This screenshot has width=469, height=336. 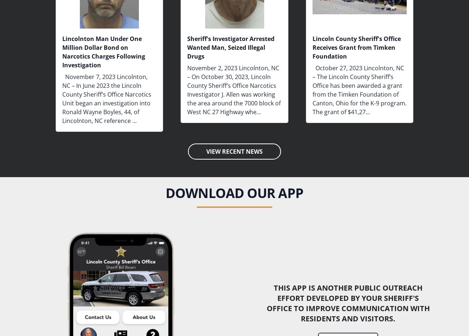 What do you see at coordinates (347, 303) in the screenshot?
I see `'This app is another public outreach effort developed by your Sheriff's office to improve communication with residents and visitors.'` at bounding box center [347, 303].